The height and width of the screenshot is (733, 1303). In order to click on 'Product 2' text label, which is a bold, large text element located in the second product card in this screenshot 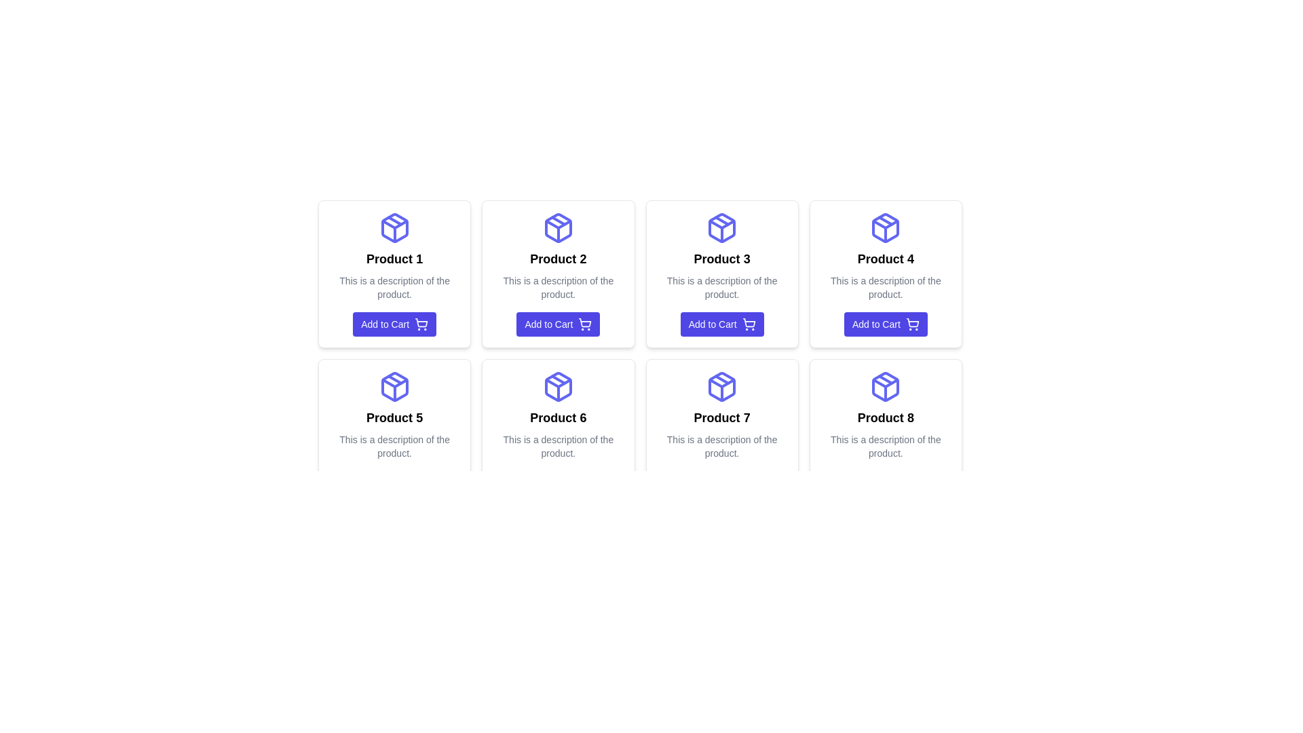, I will do `click(558, 259)`.